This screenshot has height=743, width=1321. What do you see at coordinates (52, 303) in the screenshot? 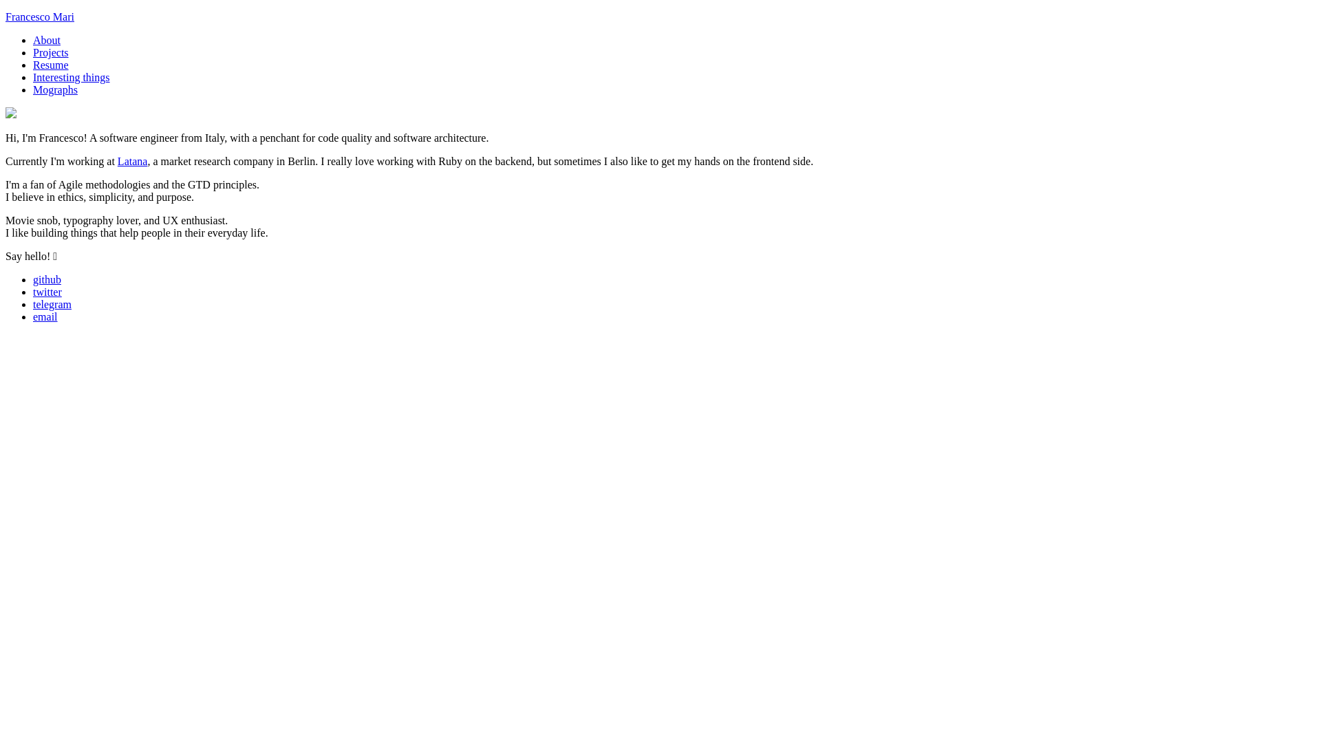
I see `'telegram'` at bounding box center [52, 303].